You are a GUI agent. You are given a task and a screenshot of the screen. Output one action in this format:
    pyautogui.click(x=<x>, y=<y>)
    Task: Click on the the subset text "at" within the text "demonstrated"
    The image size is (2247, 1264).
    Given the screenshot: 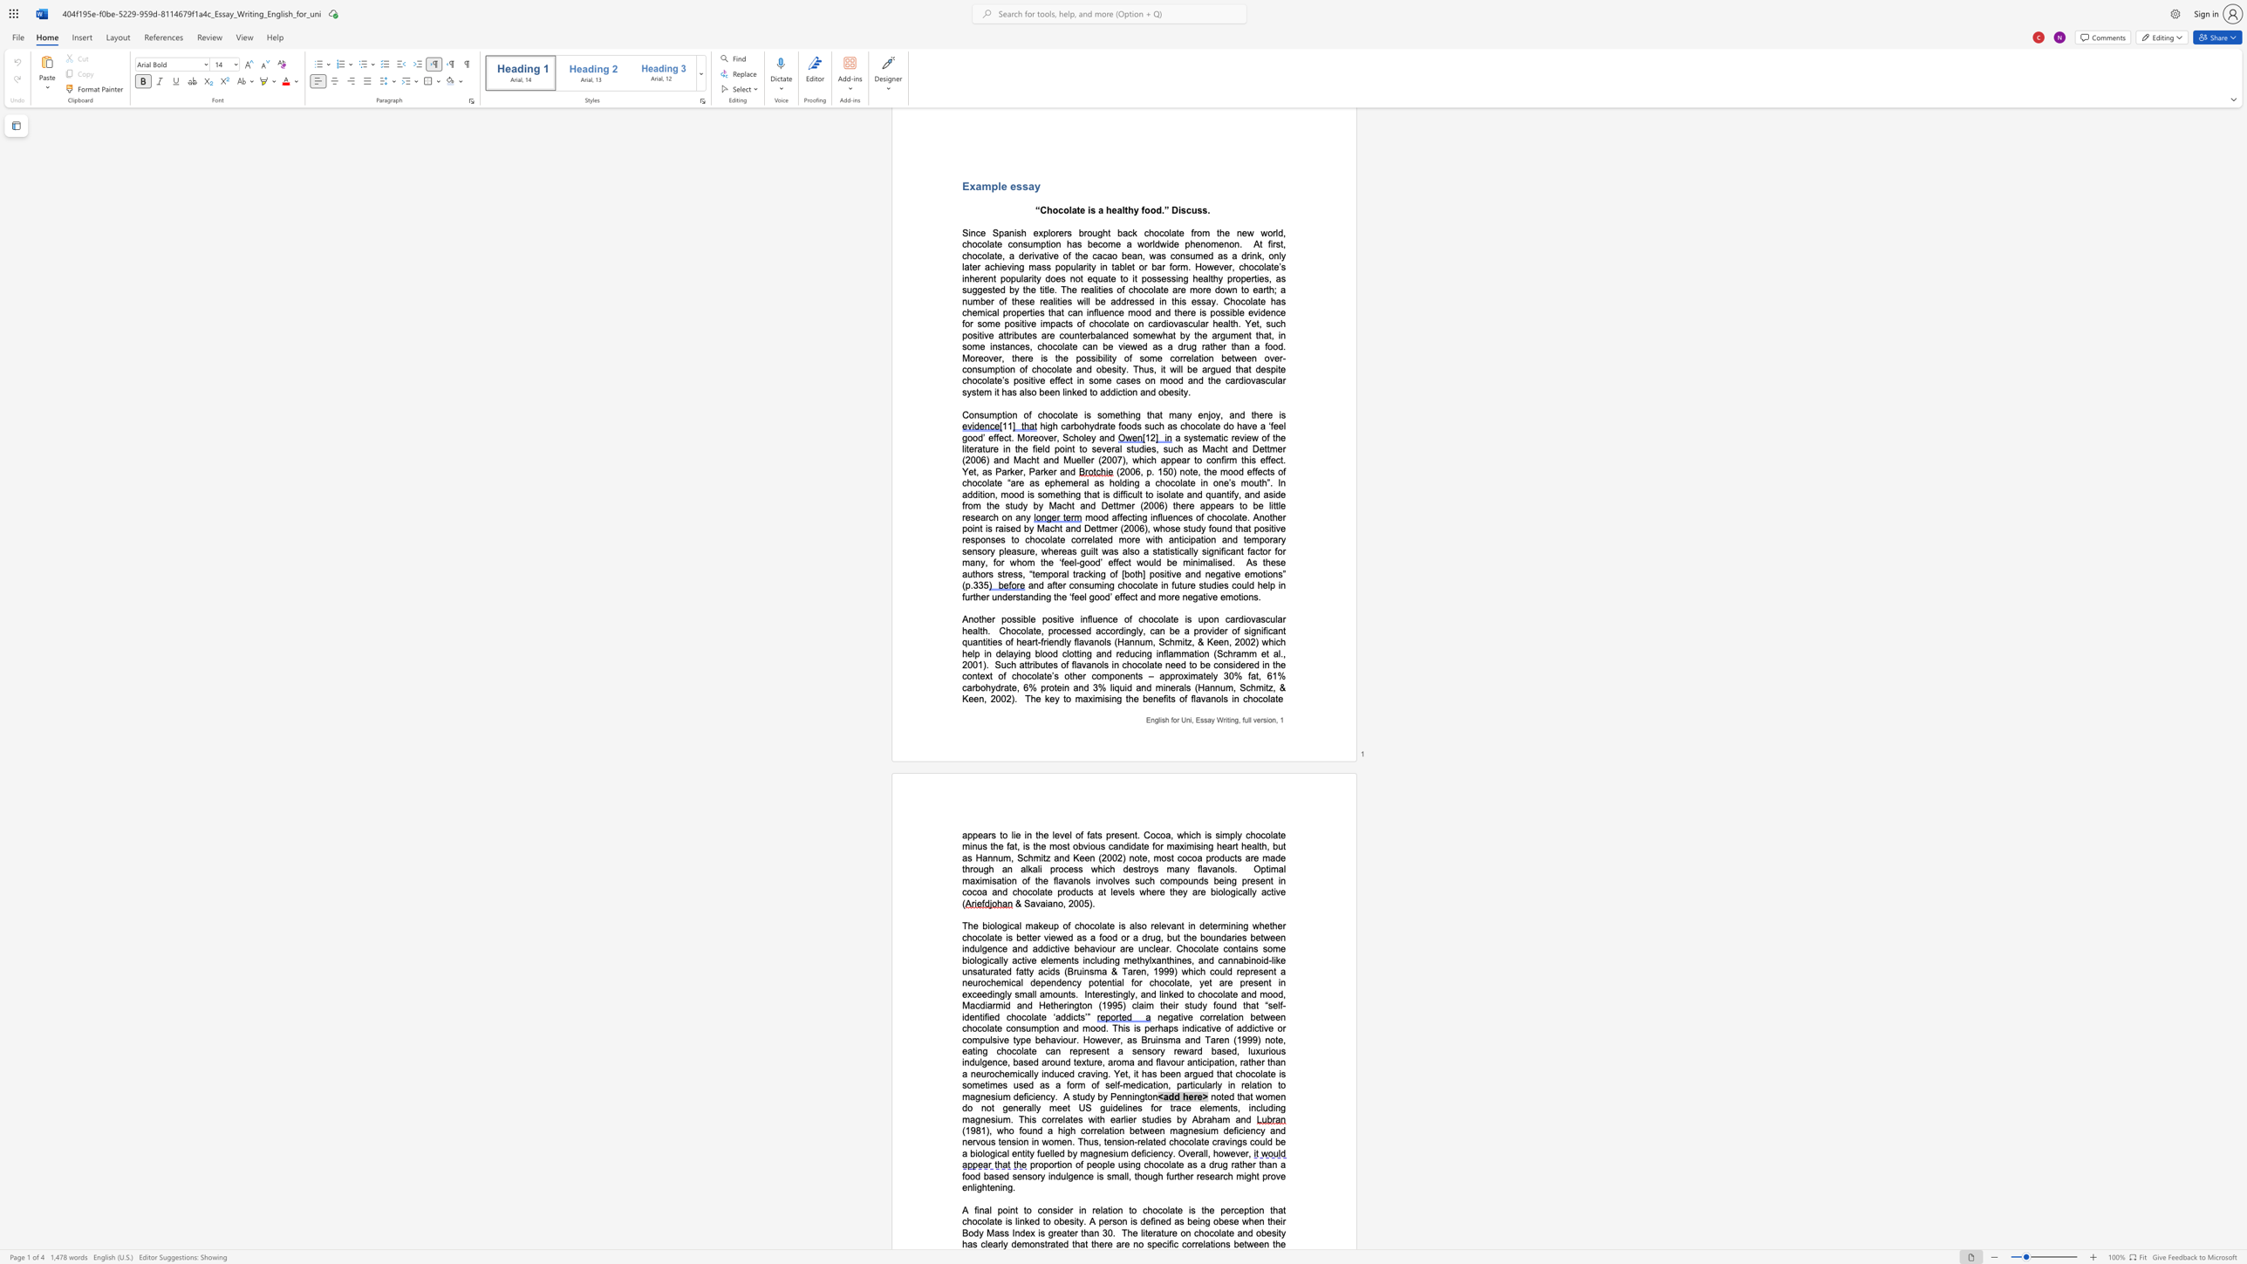 What is the action you would take?
    pyautogui.click(x=1050, y=1244)
    